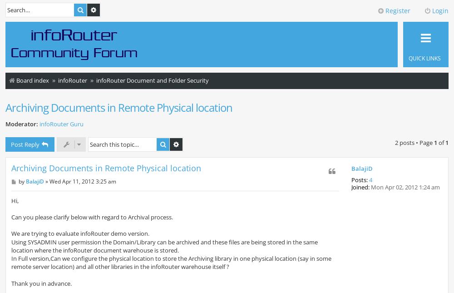 The image size is (454, 293). I want to click on 'Hi,', so click(15, 200).